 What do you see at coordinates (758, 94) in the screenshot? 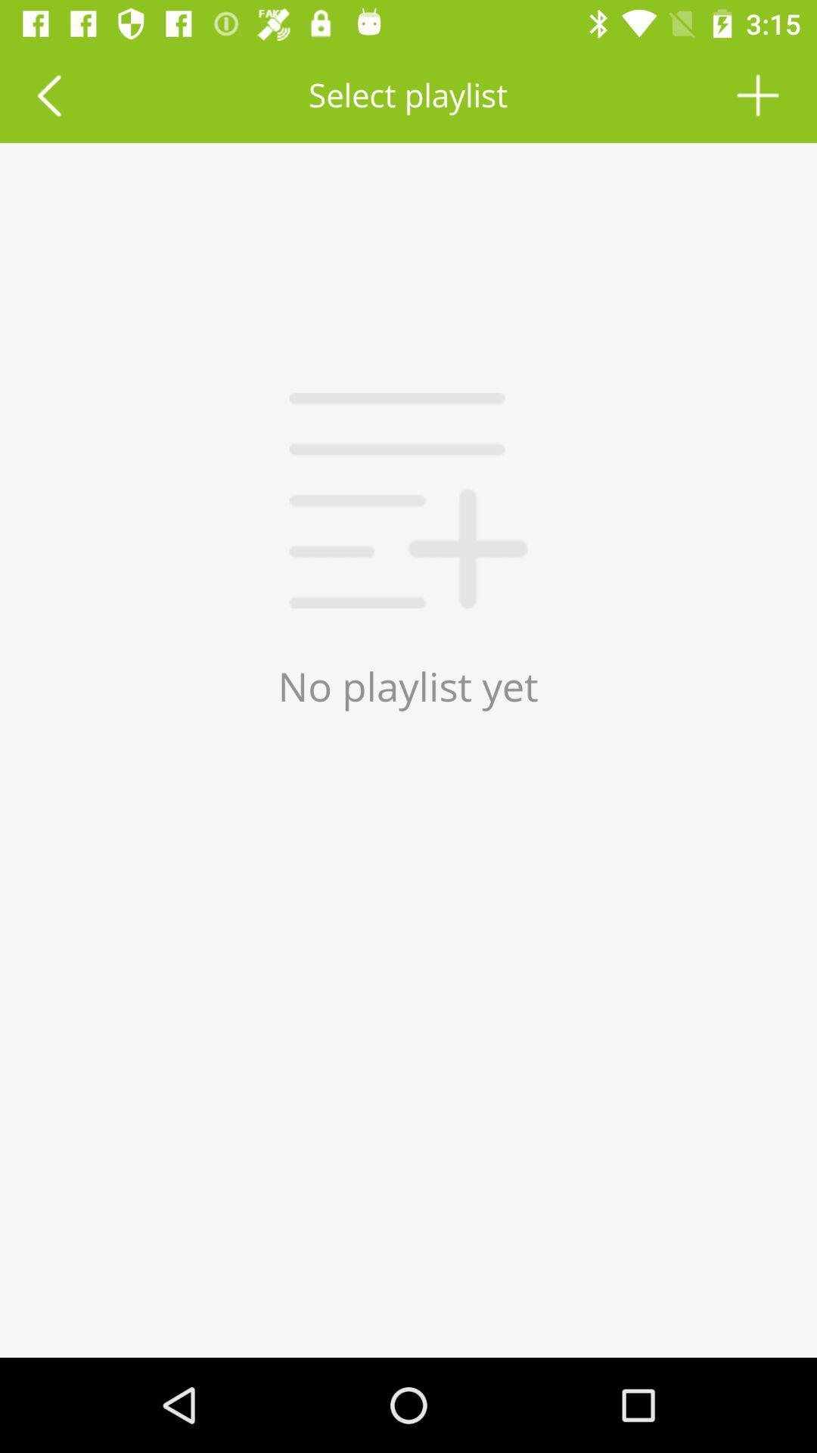
I see `playlist` at bounding box center [758, 94].